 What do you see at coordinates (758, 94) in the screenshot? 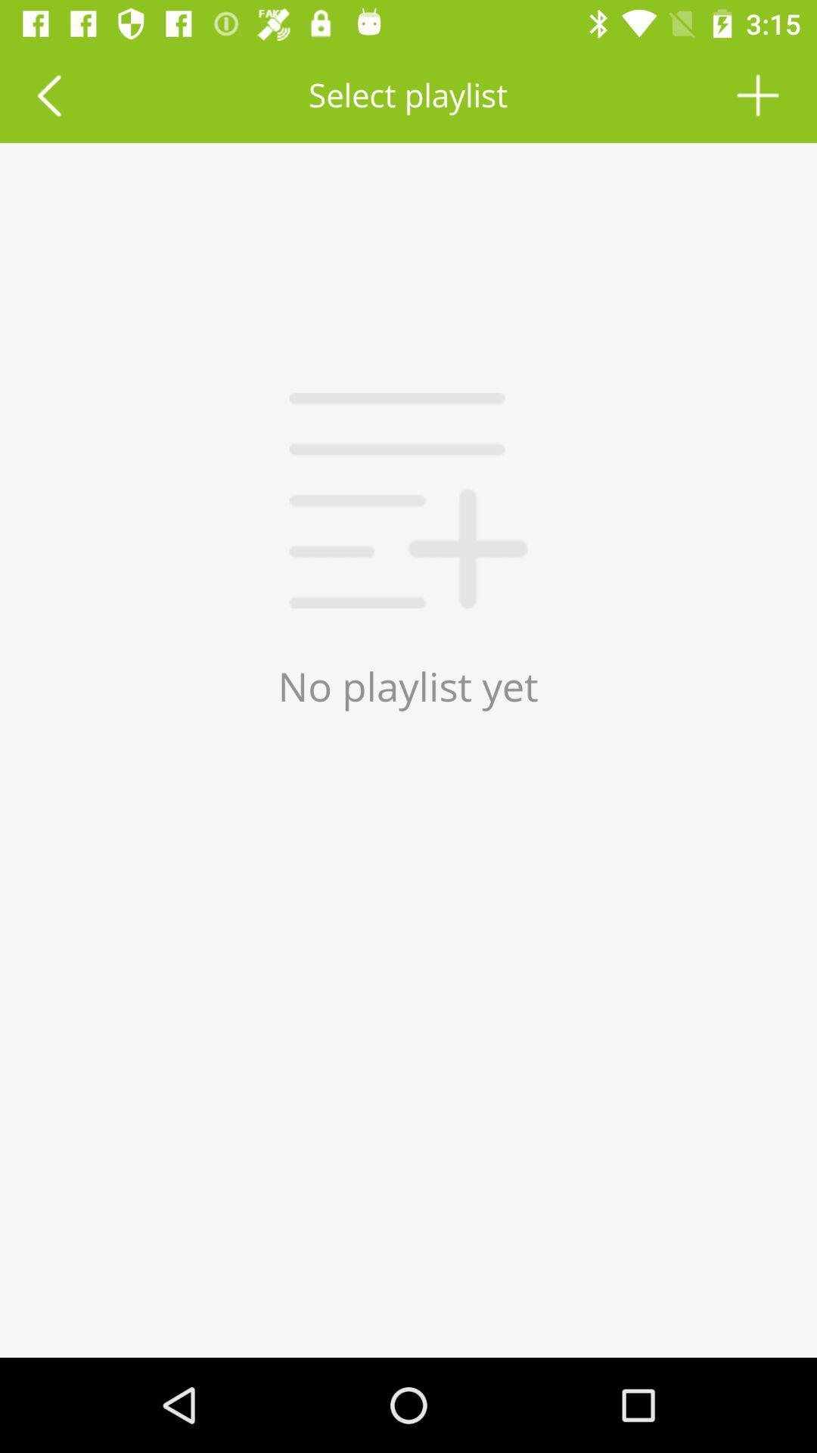
I see `playlist` at bounding box center [758, 94].